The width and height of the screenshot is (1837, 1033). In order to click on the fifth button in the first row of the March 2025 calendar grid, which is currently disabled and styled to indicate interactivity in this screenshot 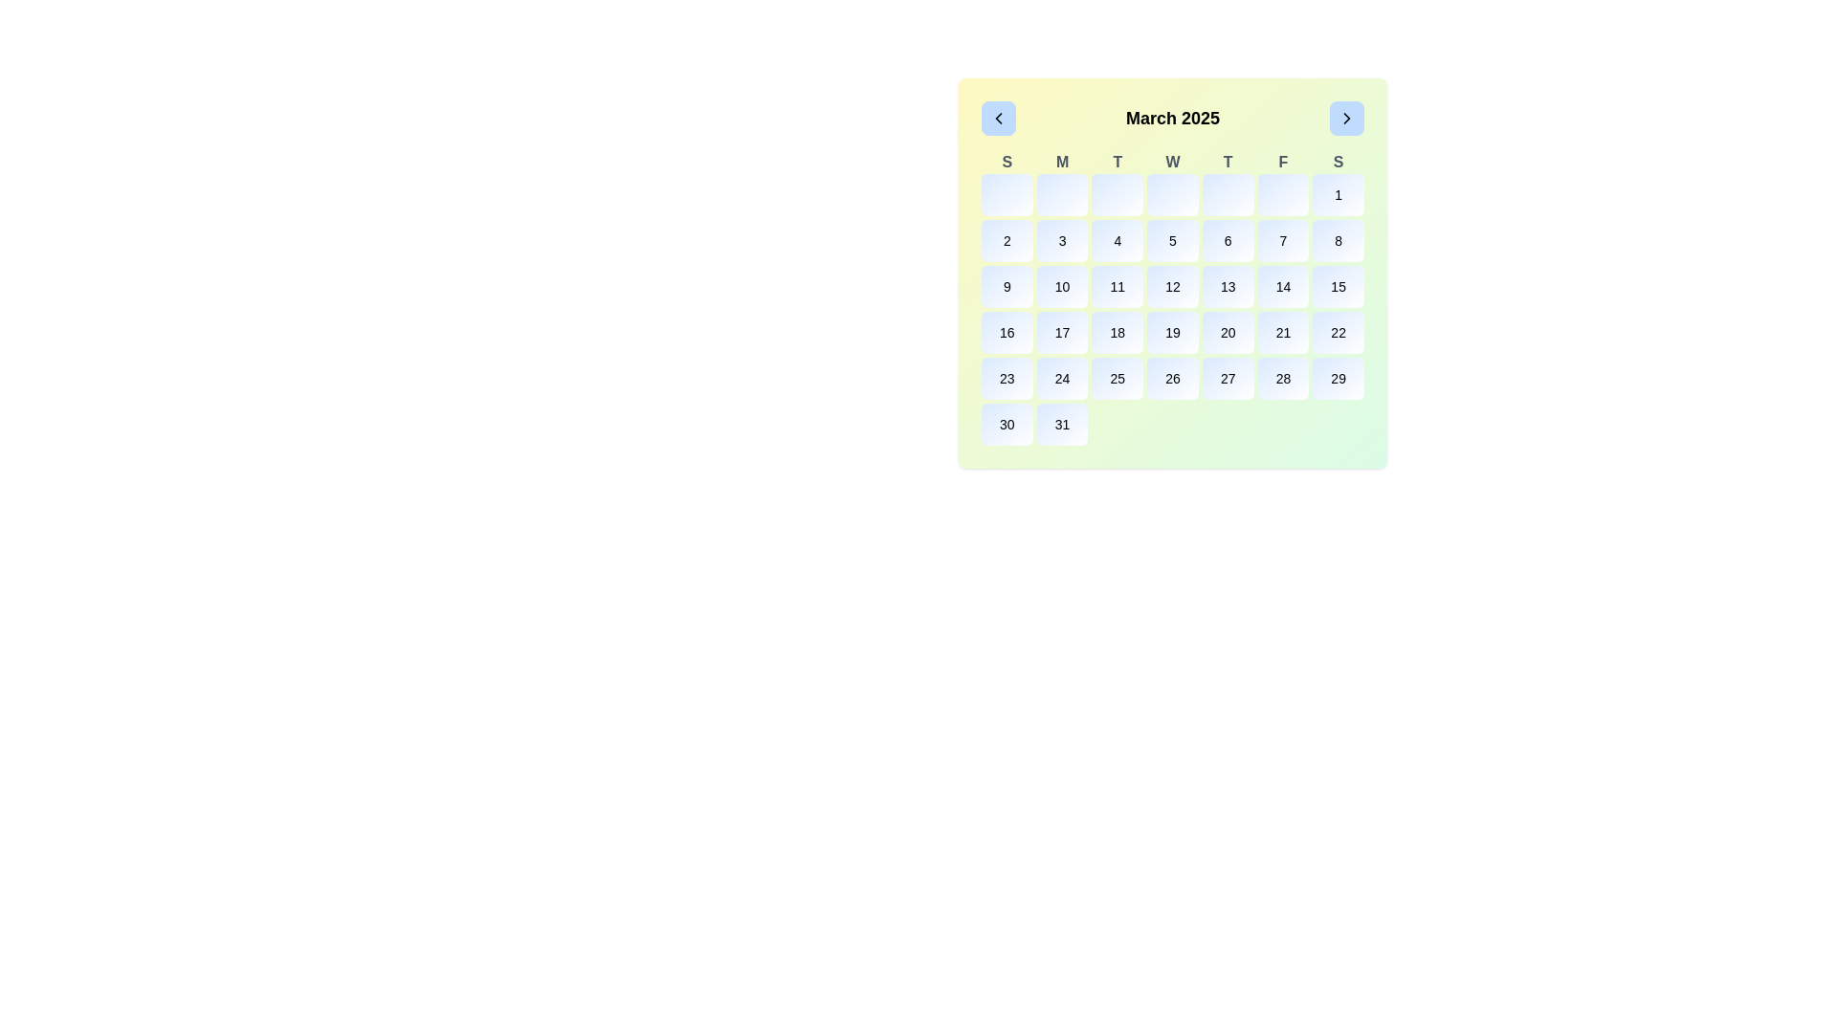, I will do `click(1228, 195)`.